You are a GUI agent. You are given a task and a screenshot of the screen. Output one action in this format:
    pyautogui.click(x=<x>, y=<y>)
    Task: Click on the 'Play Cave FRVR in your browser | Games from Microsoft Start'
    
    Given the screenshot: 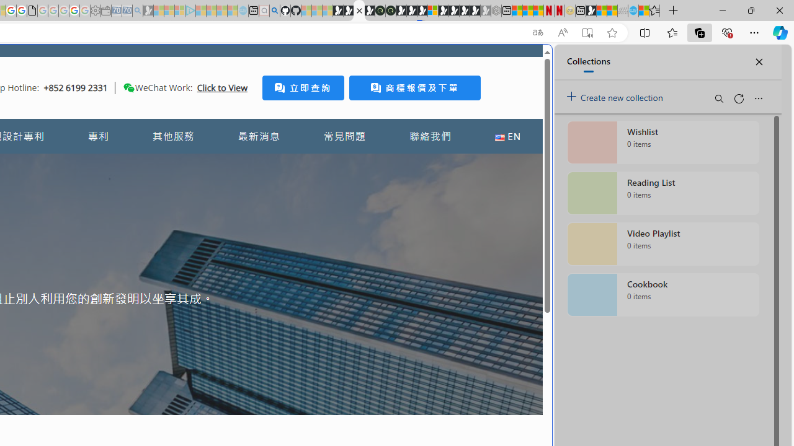 What is the action you would take?
    pyautogui.click(x=411, y=11)
    